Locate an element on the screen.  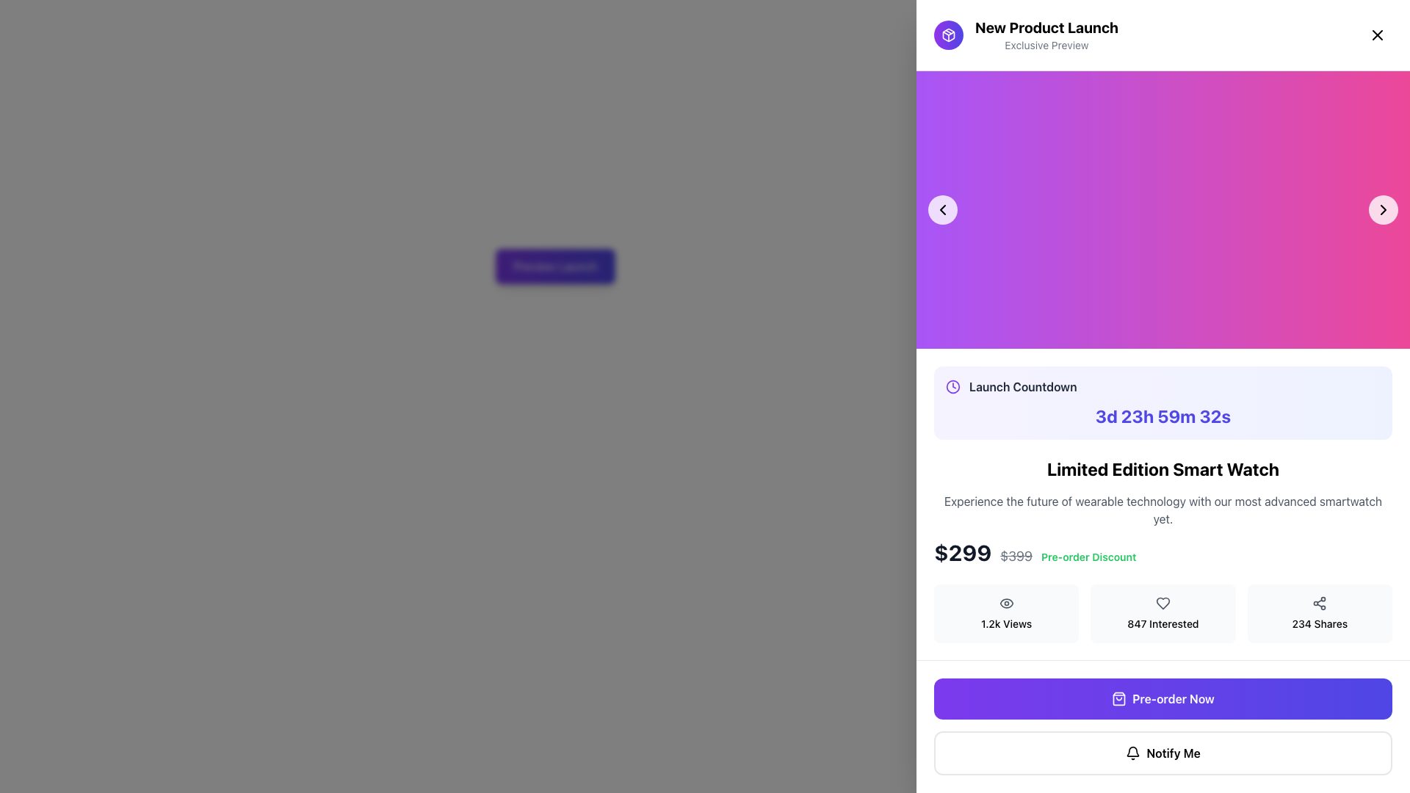
the circular button with a white and slightly transparent background featuring a right-facing chevron arrow is located at coordinates (1382, 209).